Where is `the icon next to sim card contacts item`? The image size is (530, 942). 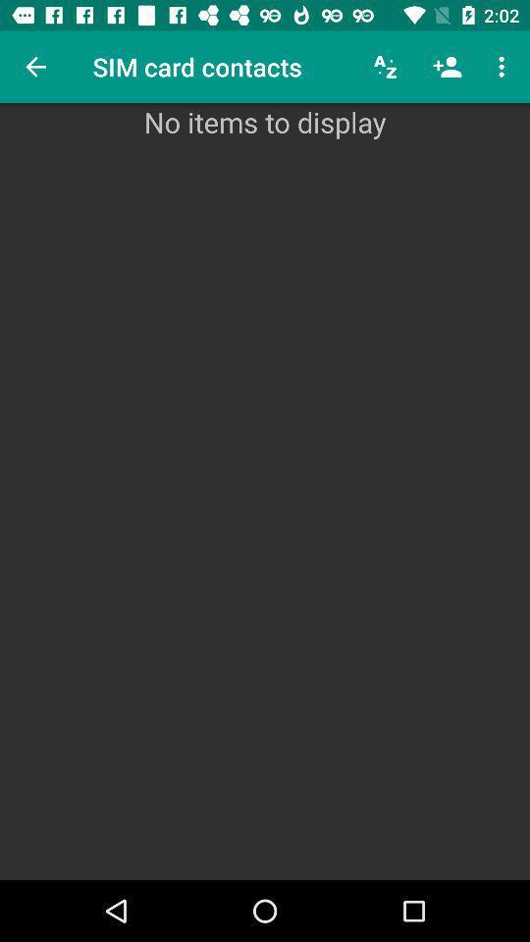
the icon next to sim card contacts item is located at coordinates (35, 67).